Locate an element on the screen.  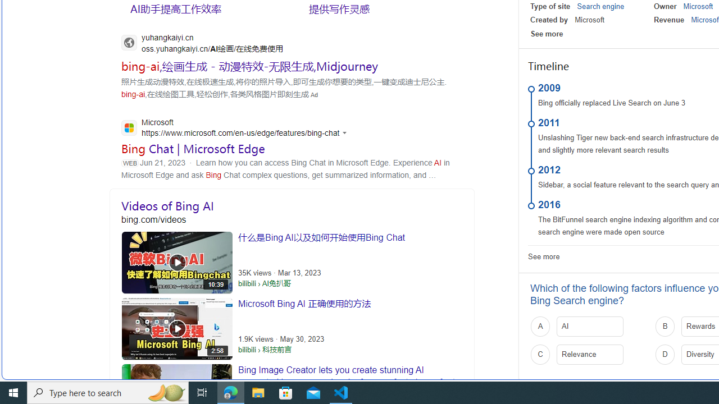
'C Relevance' is located at coordinates (589, 354).